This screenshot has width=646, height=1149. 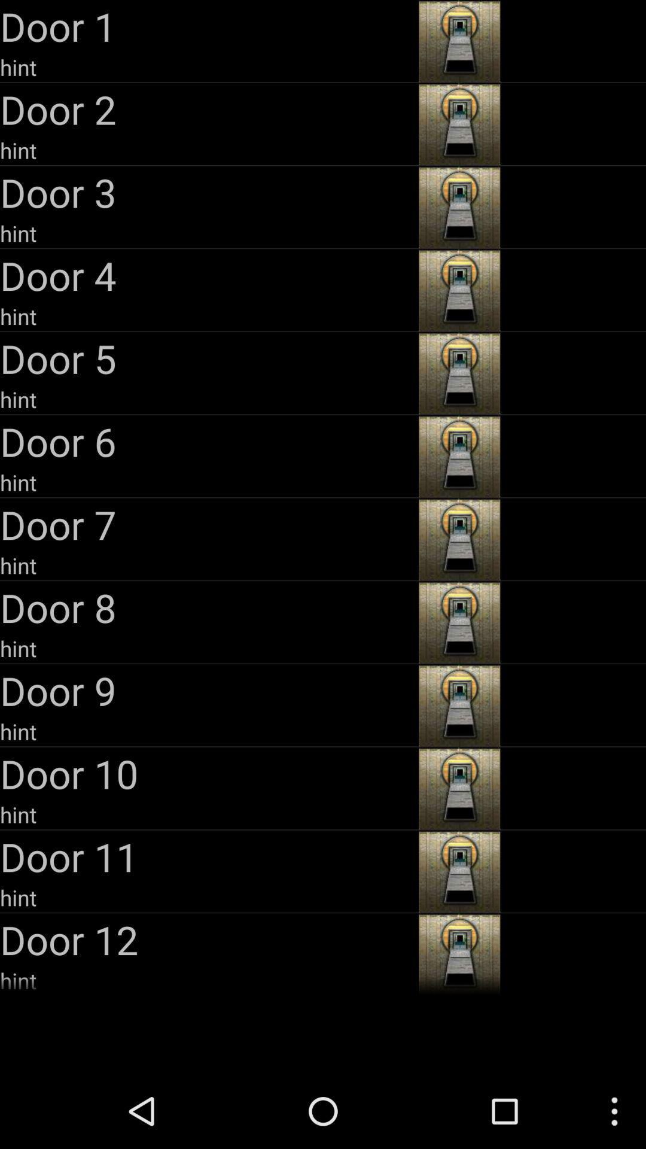 What do you see at coordinates (207, 773) in the screenshot?
I see `the door 10 item` at bounding box center [207, 773].